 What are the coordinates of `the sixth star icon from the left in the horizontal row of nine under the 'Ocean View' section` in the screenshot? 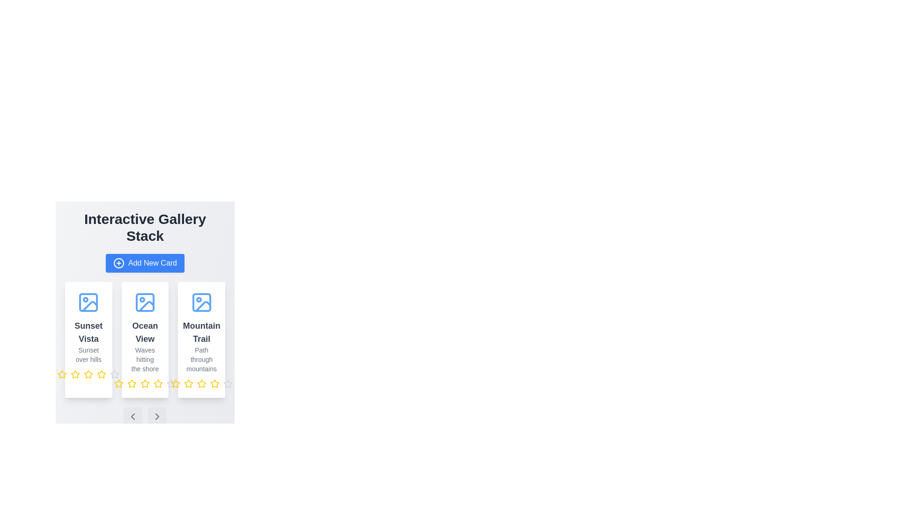 It's located at (158, 384).